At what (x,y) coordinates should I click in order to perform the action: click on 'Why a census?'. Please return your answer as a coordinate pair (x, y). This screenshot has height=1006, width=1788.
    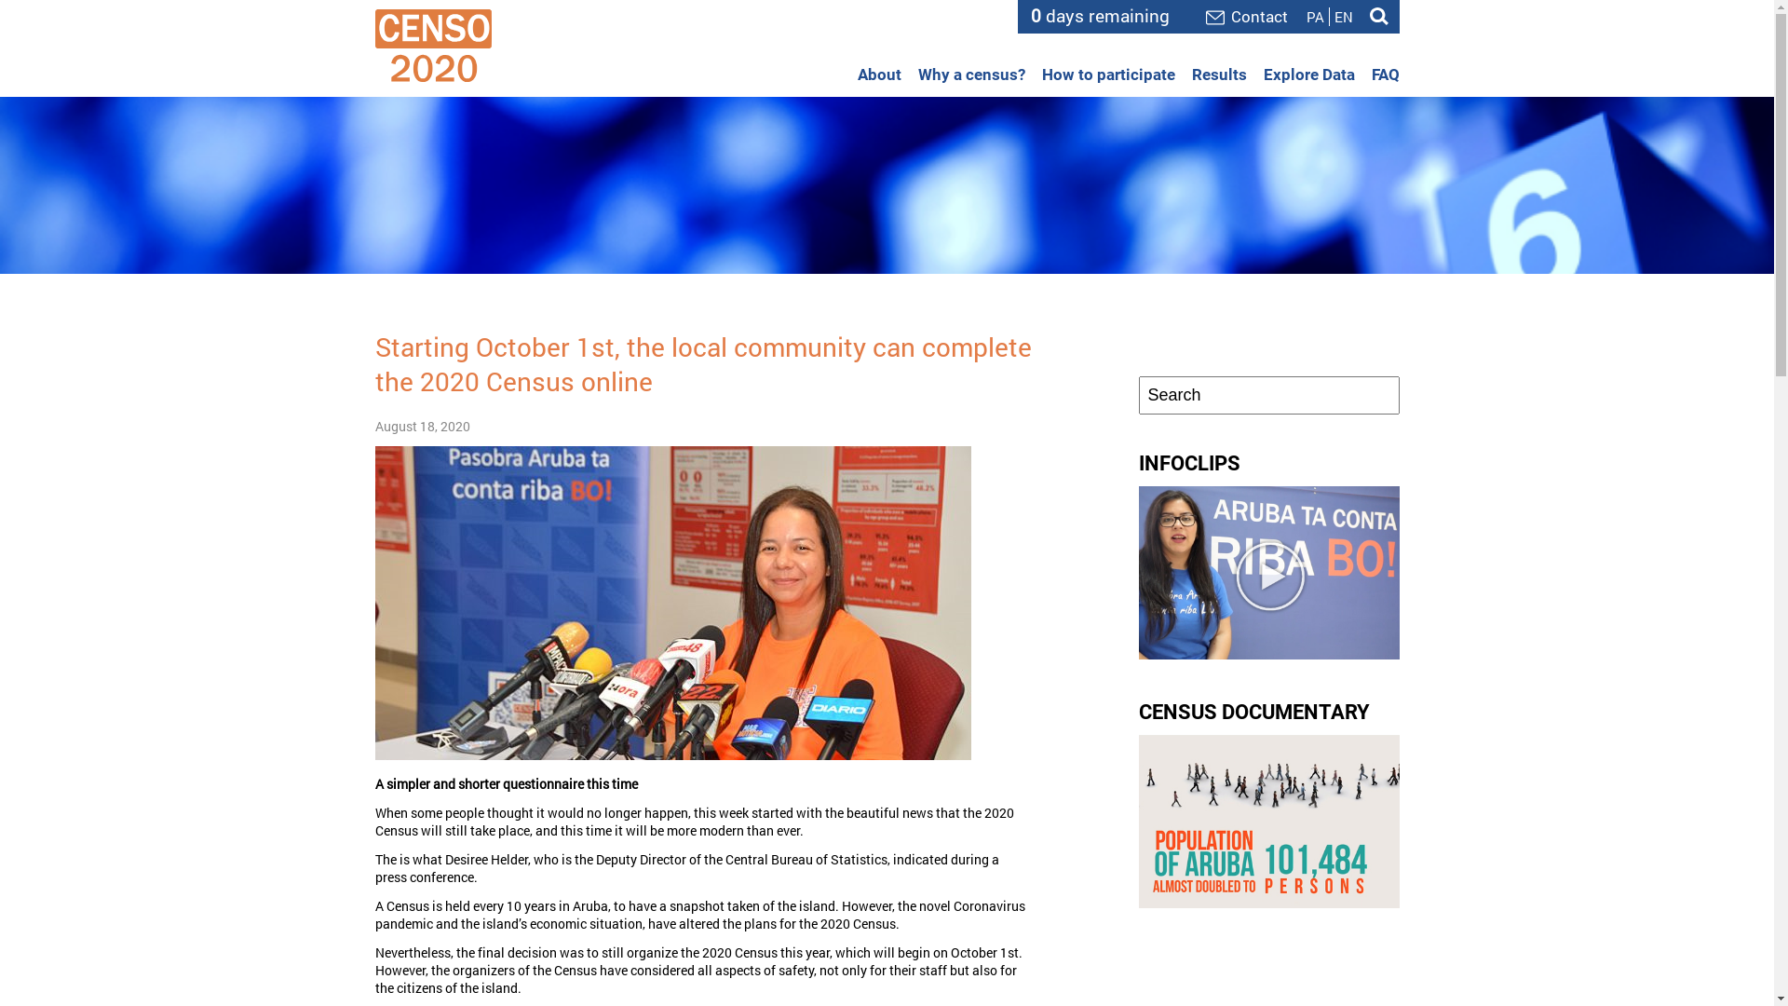
    Looking at the image, I should click on (970, 74).